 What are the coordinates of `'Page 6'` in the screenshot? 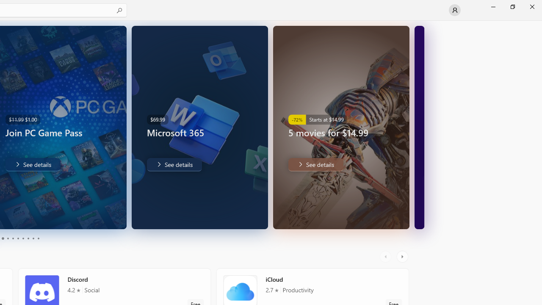 It's located at (18, 238).